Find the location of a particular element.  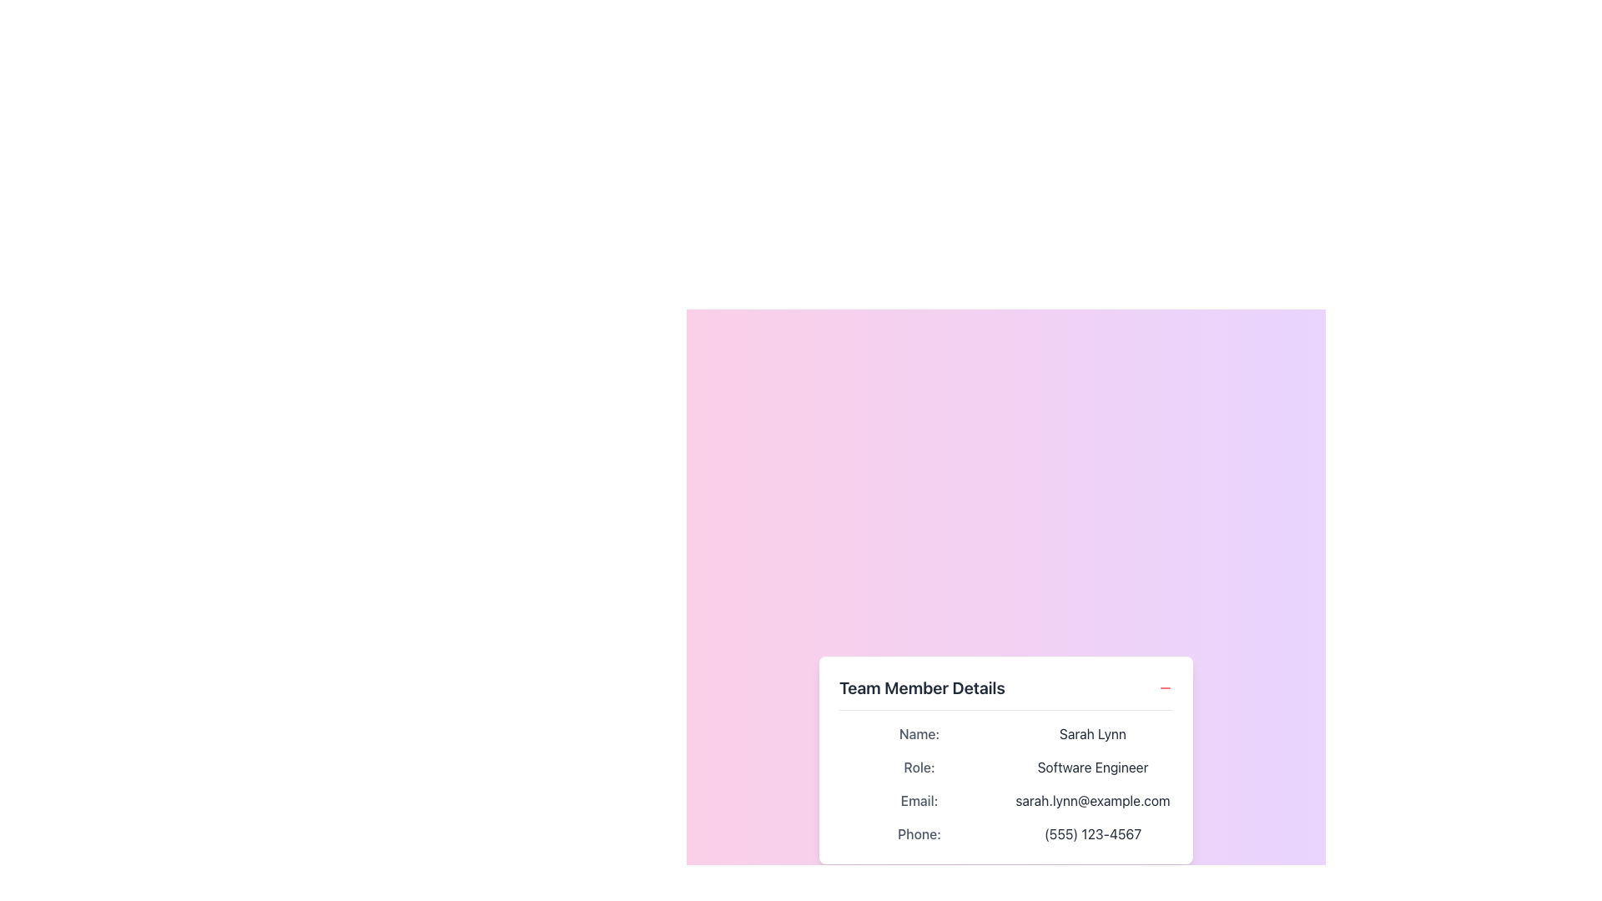

the button located at the rightmost position of the 'Team Member Details' heading to minimize or remove the section is located at coordinates (1164, 687).